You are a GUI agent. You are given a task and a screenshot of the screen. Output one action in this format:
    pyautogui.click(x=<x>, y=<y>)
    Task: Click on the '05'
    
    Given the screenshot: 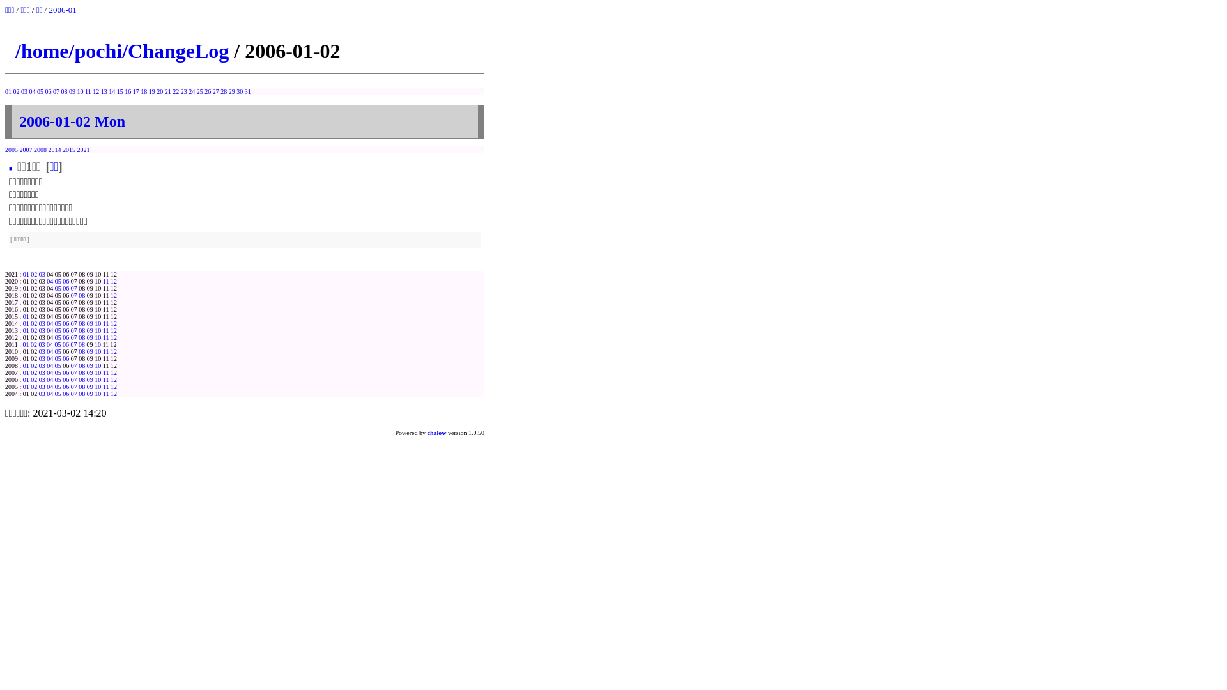 What is the action you would take?
    pyautogui.click(x=58, y=393)
    